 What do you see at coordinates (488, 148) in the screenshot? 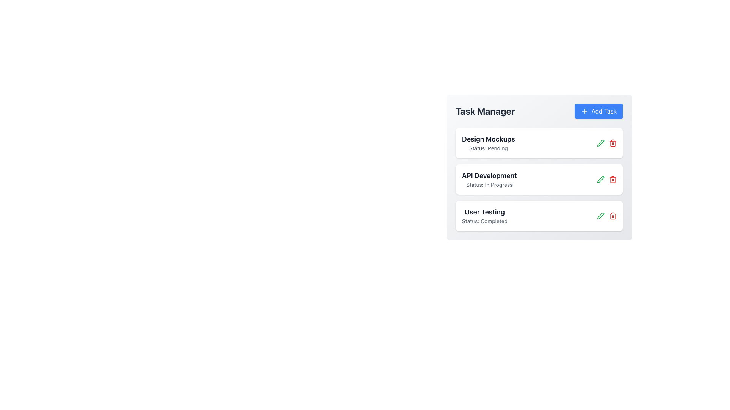
I see `the Text Label that indicates the current status of the task, positioned directly below the boldened task title 'Design Mockups'` at bounding box center [488, 148].